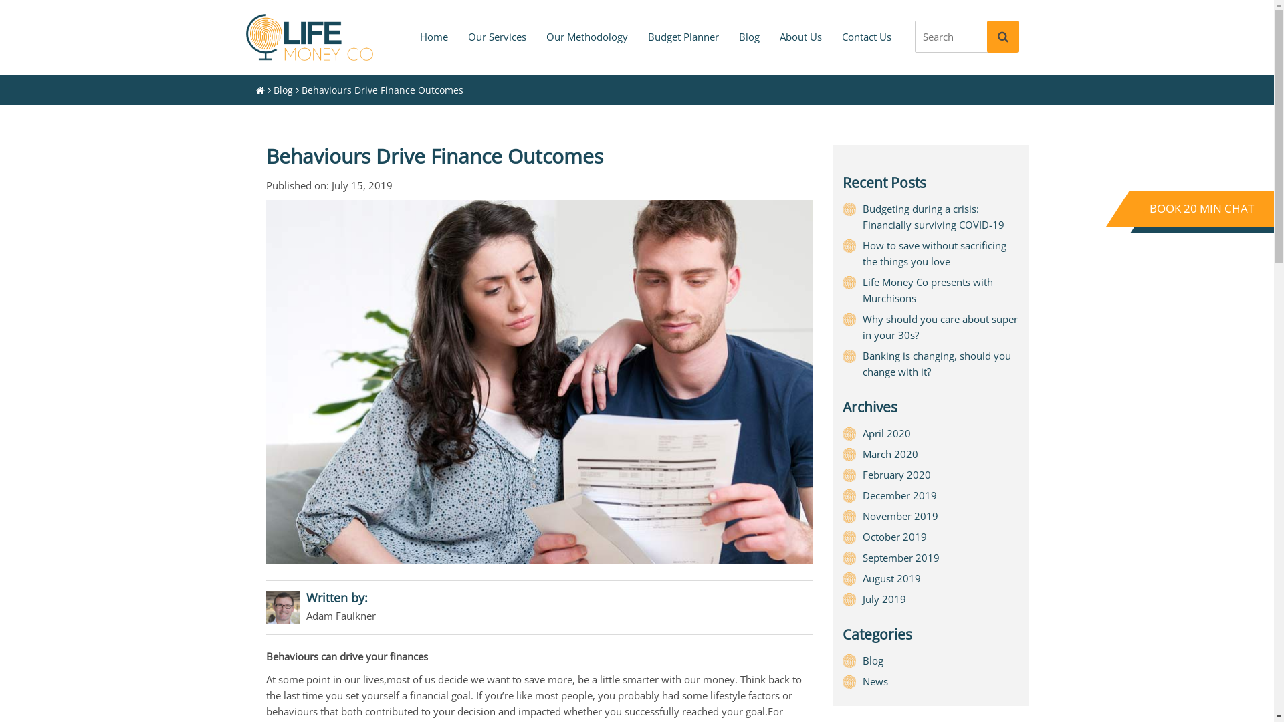  I want to click on 'Contact Us', so click(867, 35).